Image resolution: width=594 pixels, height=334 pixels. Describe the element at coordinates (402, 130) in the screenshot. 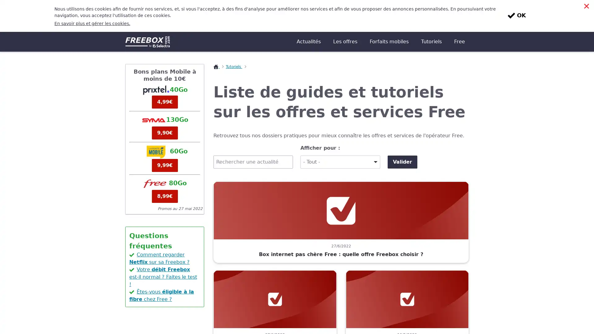

I see `Valider` at that location.